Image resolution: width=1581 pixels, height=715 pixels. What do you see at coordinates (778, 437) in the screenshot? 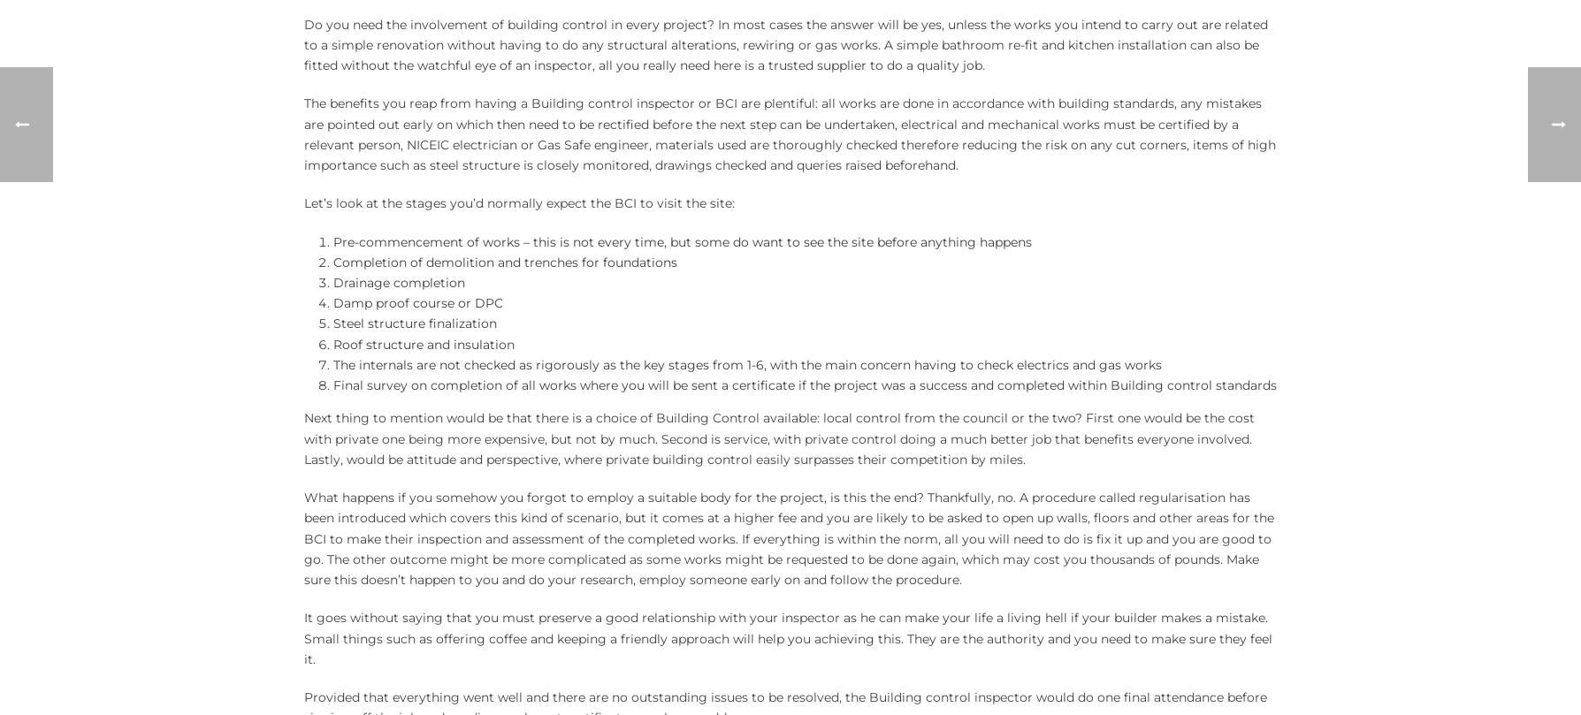
I see `'Next thing to mention would be that there
is a choice of Building Control available: local control from the council or

the two? First one would be the cost with private one being more expensive, but
not by much. Second is service, with private control doing a much better job
that benefits everyone involved. Lastly, would be attitude and perspective,
where private building control easily surpasses their competition by miles.'` at bounding box center [778, 437].